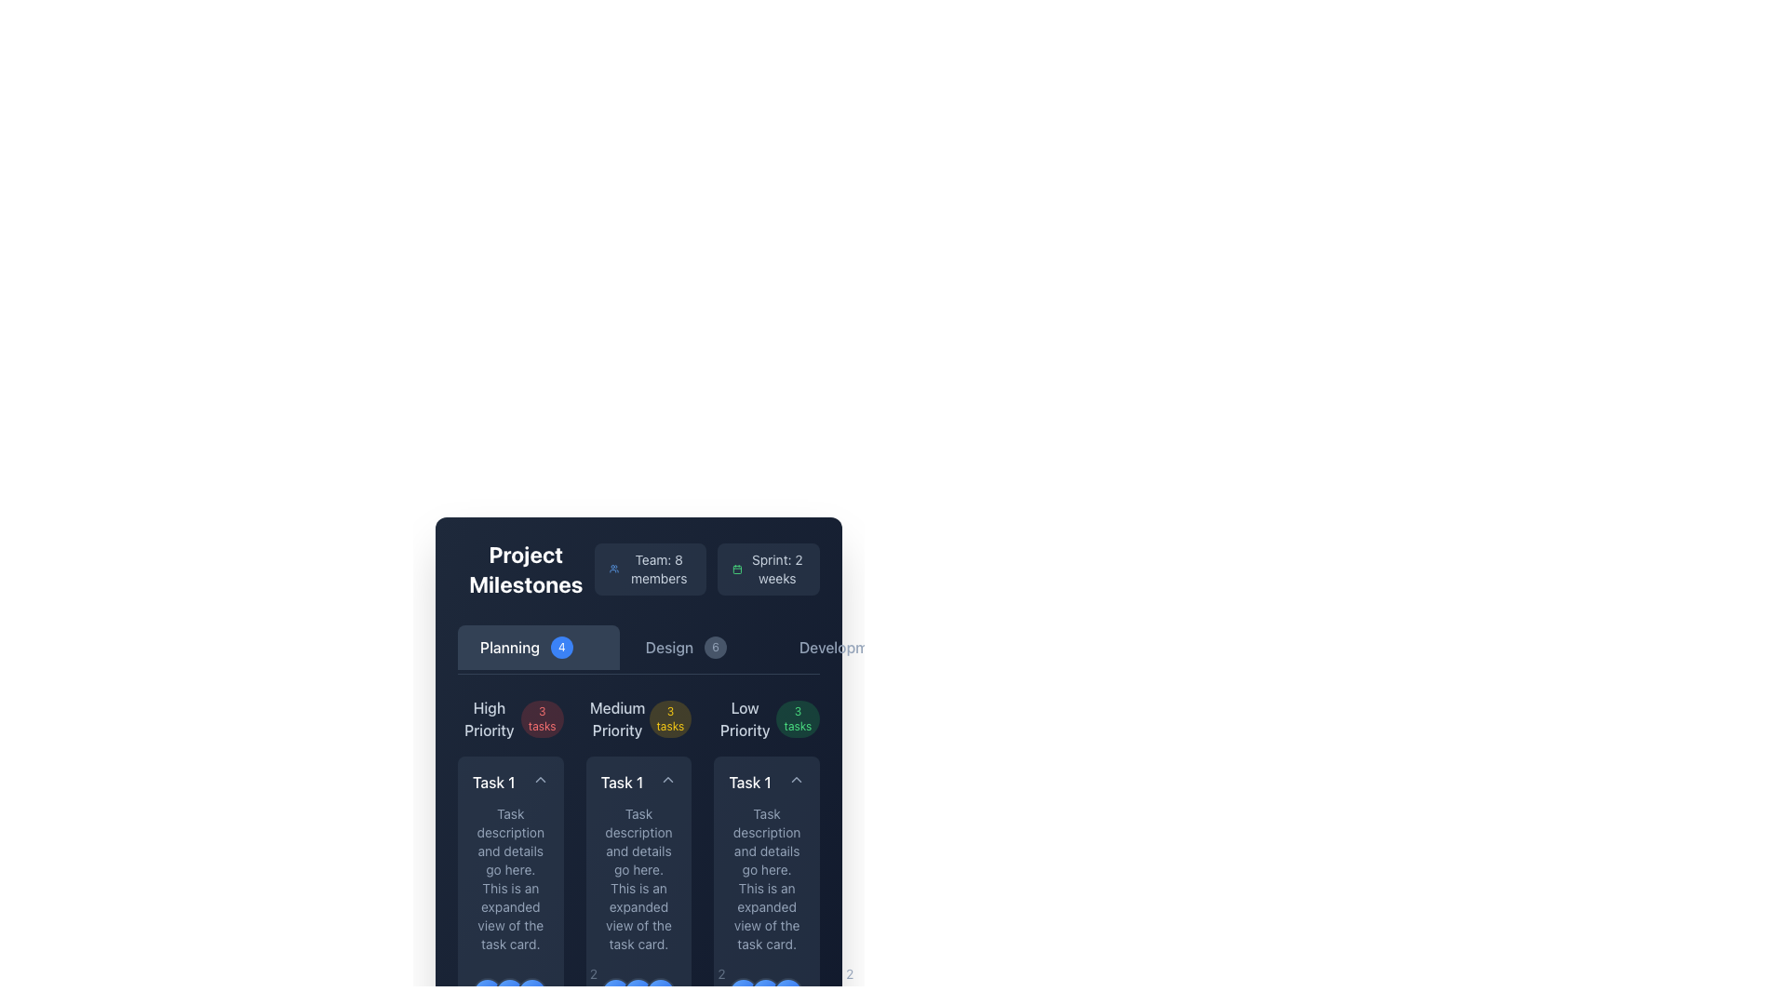  What do you see at coordinates (750, 782) in the screenshot?
I see `the 'Task 1' text label which is displayed in bold white font on a dark background, located in the rightmost column of the 'Project Milestones' section under the 'Low Priority' header` at bounding box center [750, 782].